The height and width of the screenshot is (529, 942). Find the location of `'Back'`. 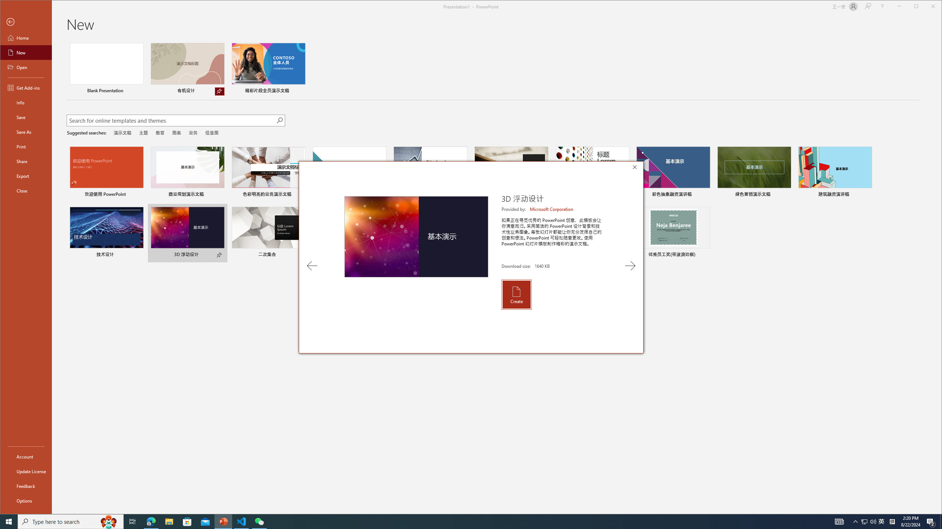

'Back' is located at coordinates (25, 22).